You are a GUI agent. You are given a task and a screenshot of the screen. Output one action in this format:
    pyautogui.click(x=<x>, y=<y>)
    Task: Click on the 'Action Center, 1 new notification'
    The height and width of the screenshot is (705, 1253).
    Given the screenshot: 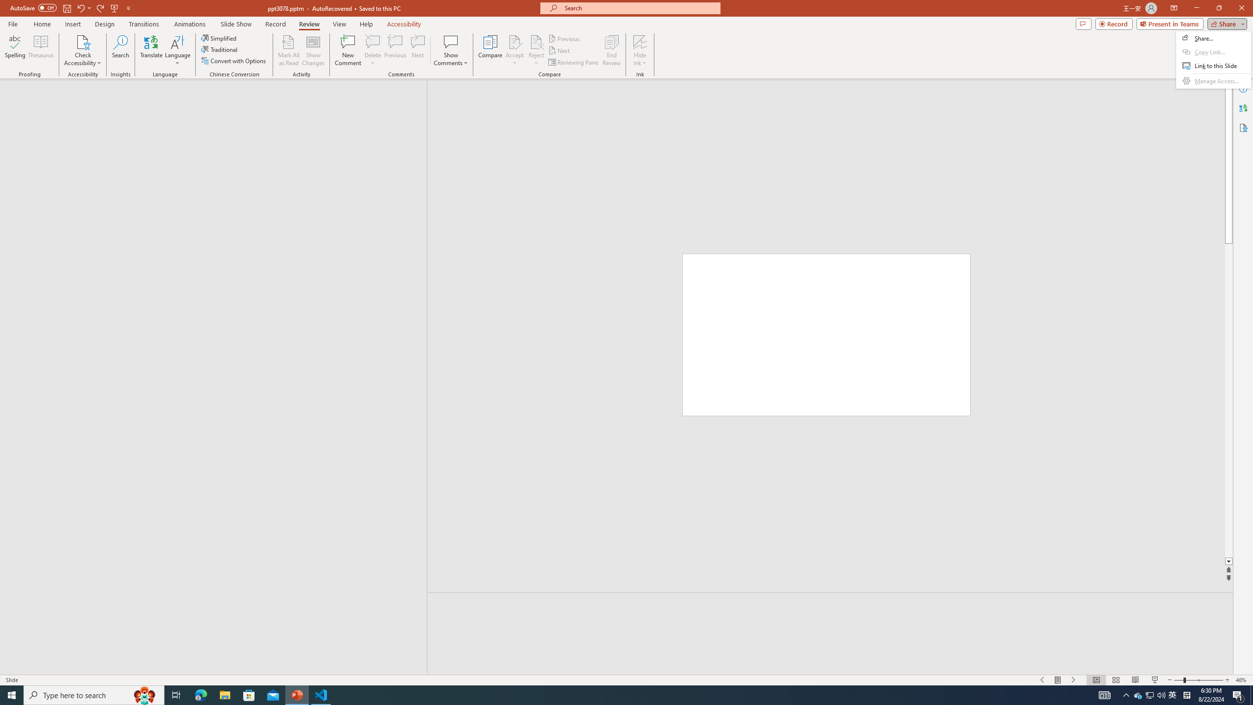 What is the action you would take?
    pyautogui.click(x=1238, y=694)
    